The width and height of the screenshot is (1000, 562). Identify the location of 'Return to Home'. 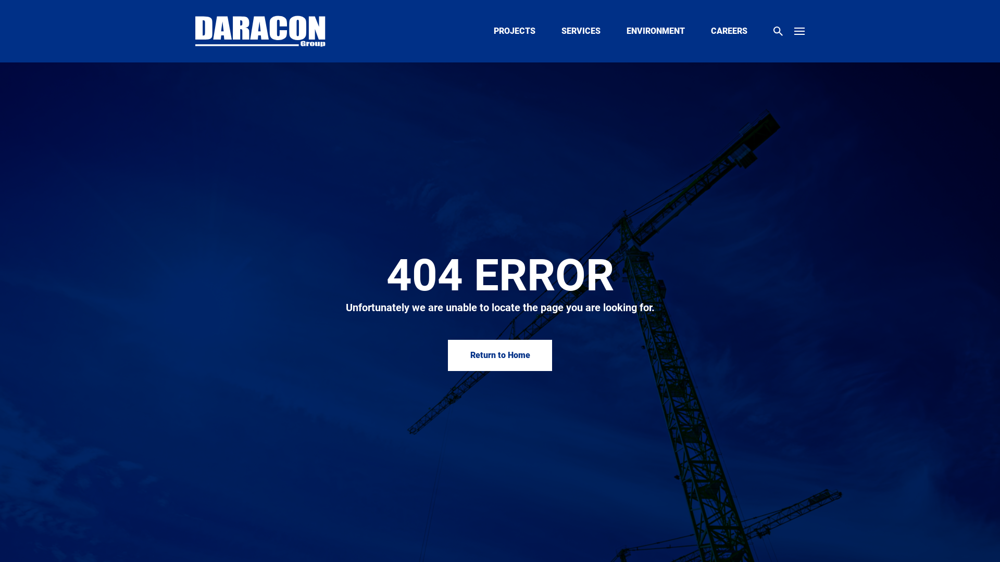
(500, 354).